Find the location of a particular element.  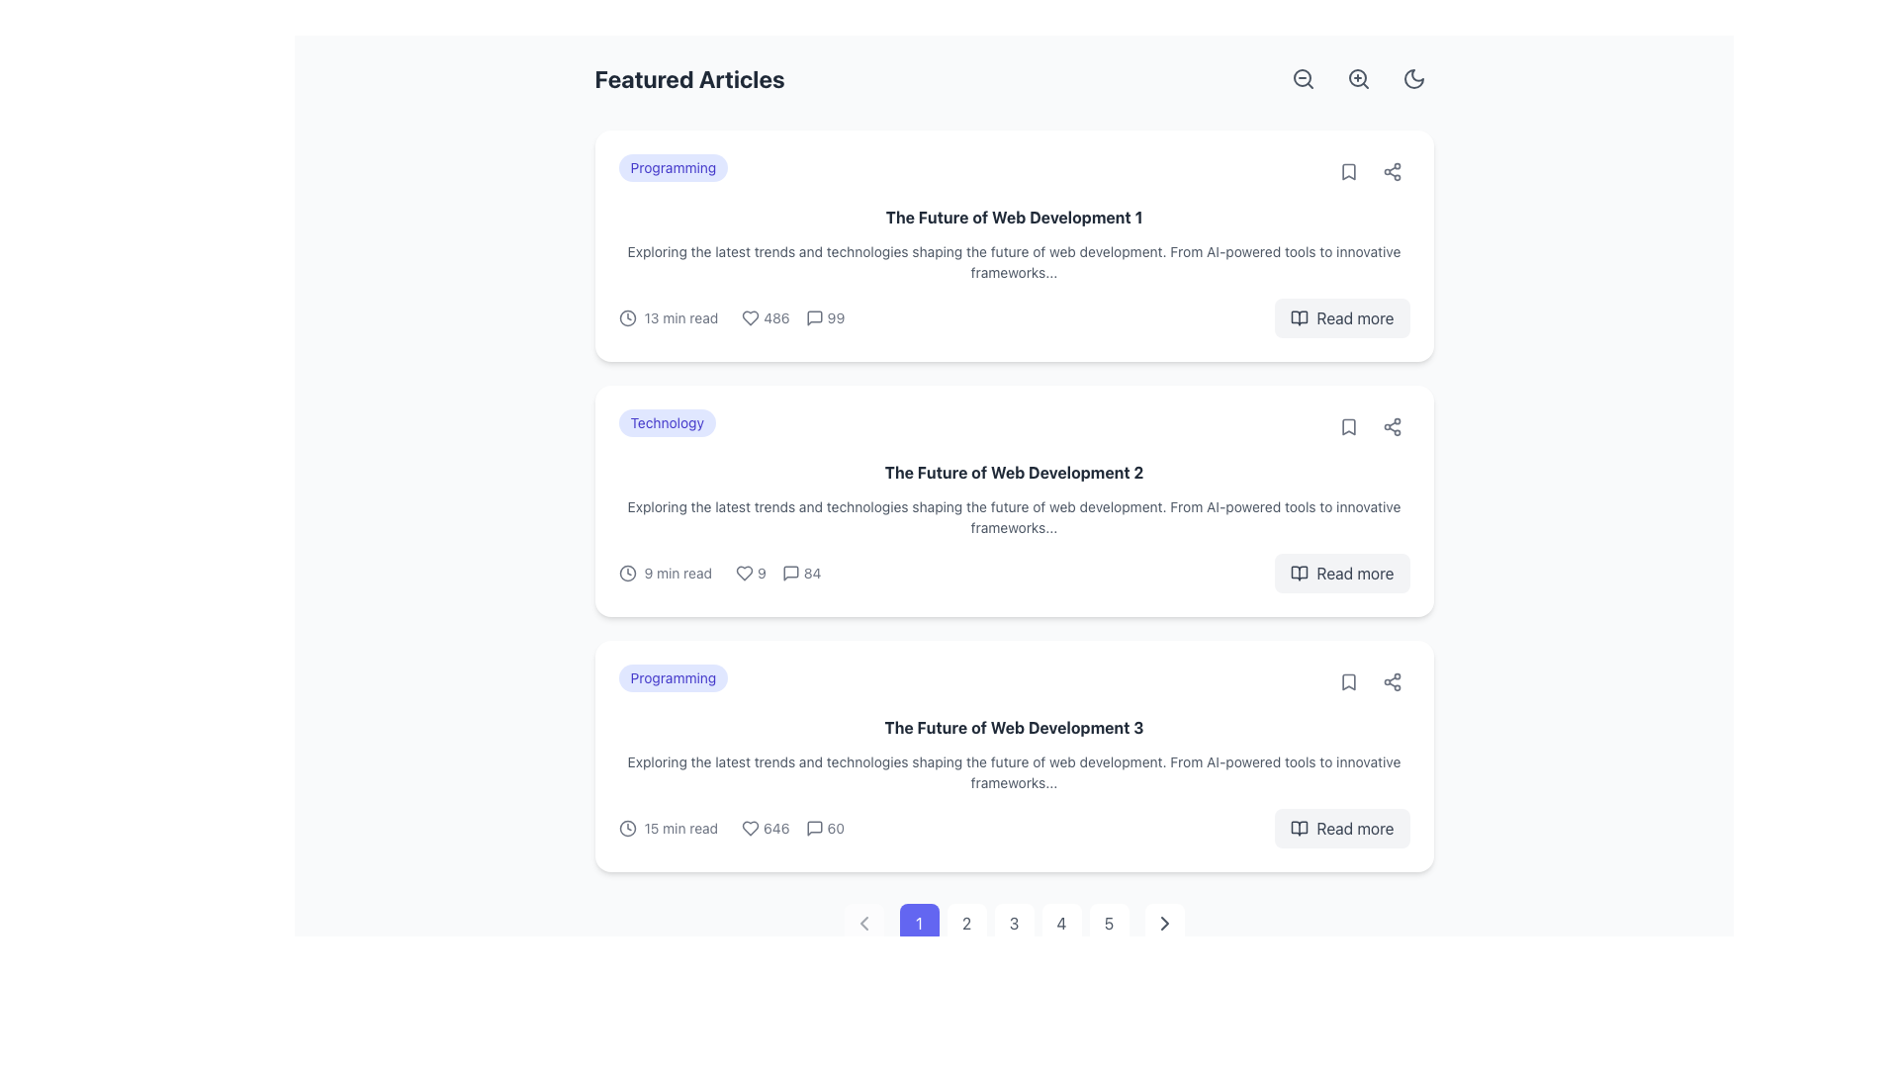

the bold, dark gray text label that reads 'The Future of Web Development 3', which is the main title in the third card of a vertical sequence is located at coordinates (1014, 728).